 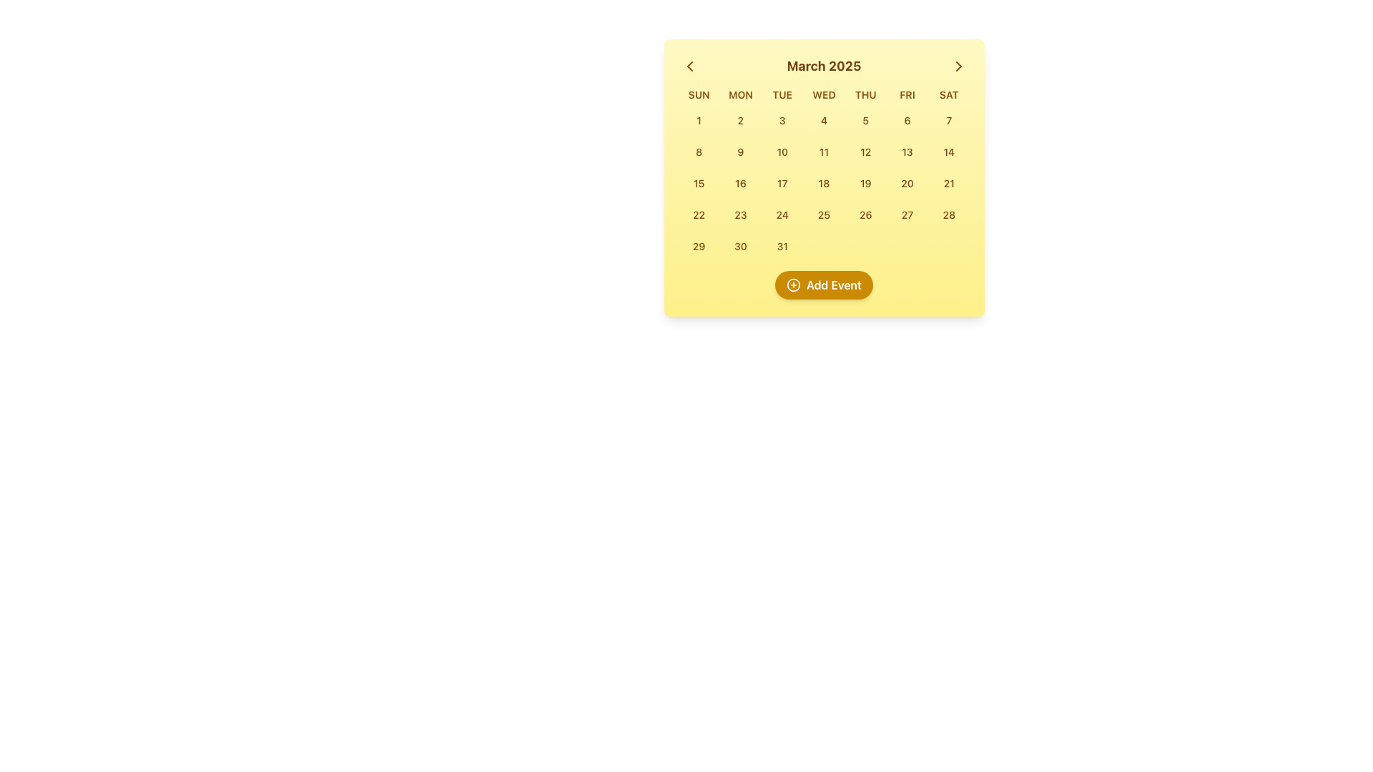 I want to click on the digit '7', so click(x=949, y=119).